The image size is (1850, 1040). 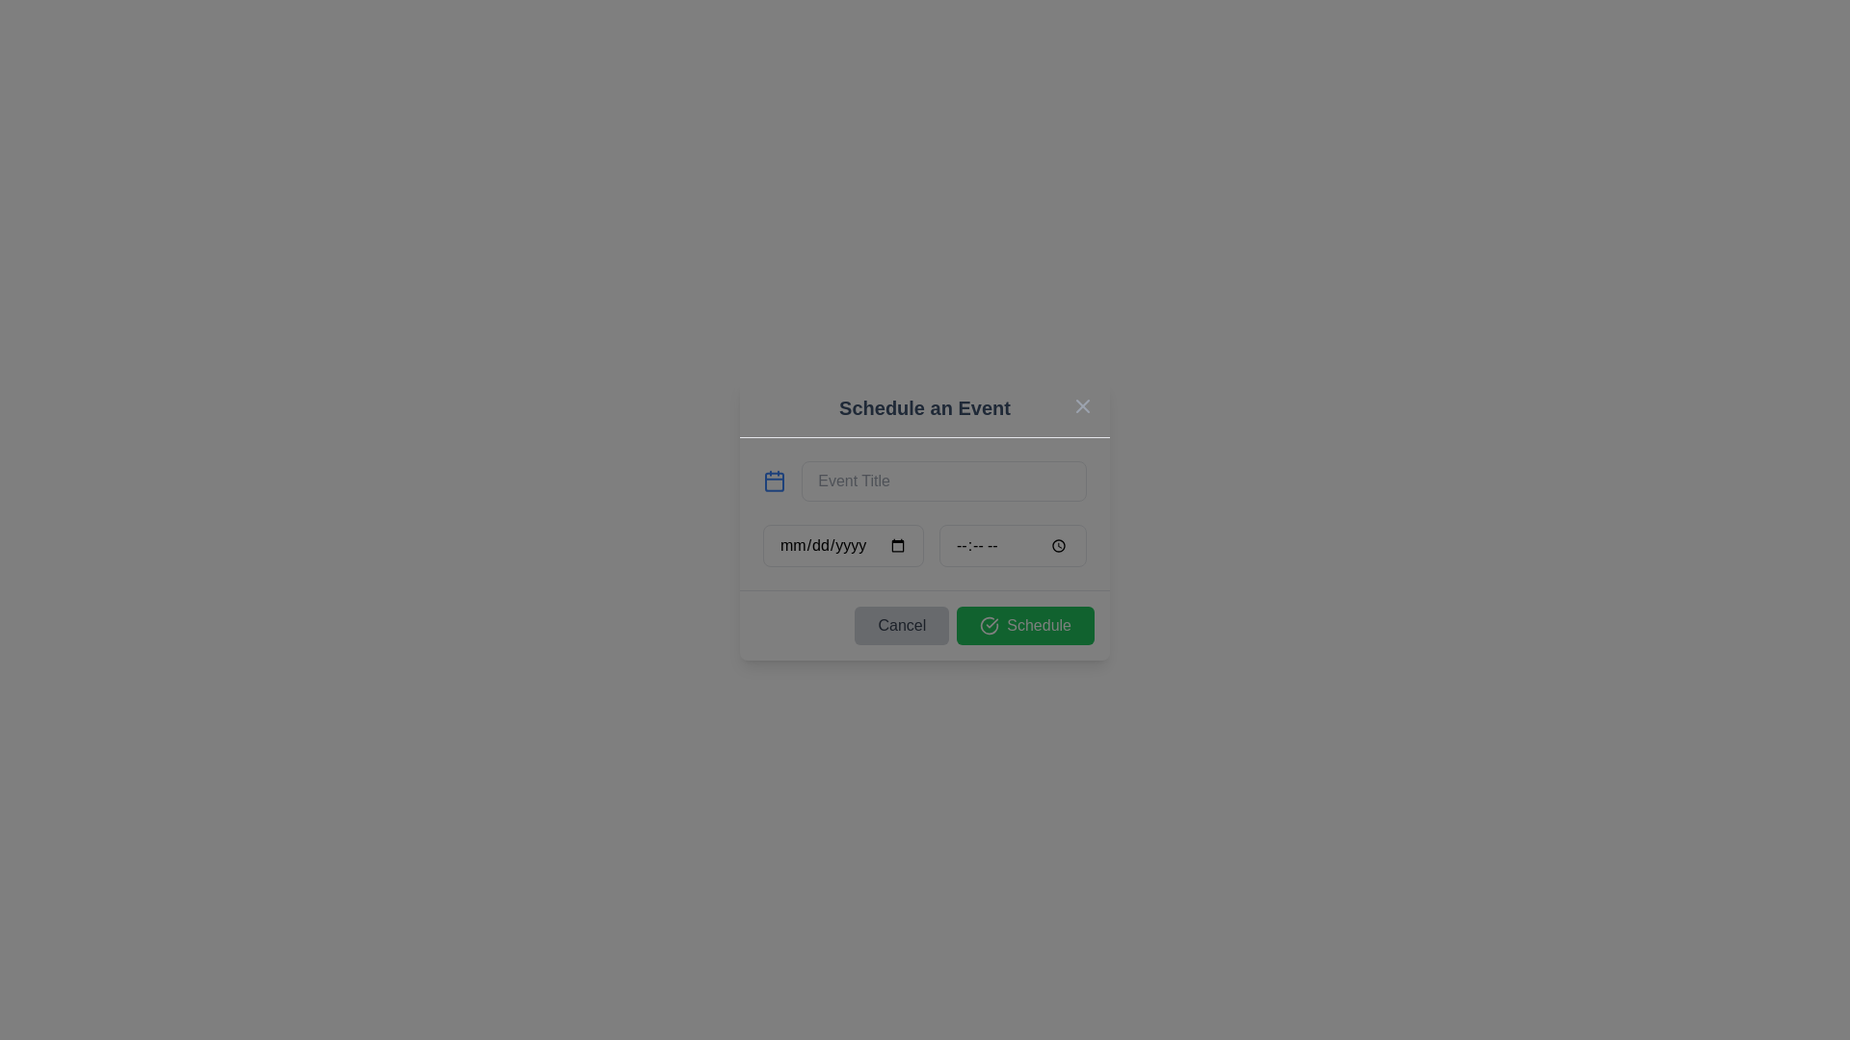 I want to click on the Date input field located in the 'Schedule an Event' dialog box, positioned to the left of the time input field and below the 'Event Title' text input field for visual feedback, so click(x=843, y=546).